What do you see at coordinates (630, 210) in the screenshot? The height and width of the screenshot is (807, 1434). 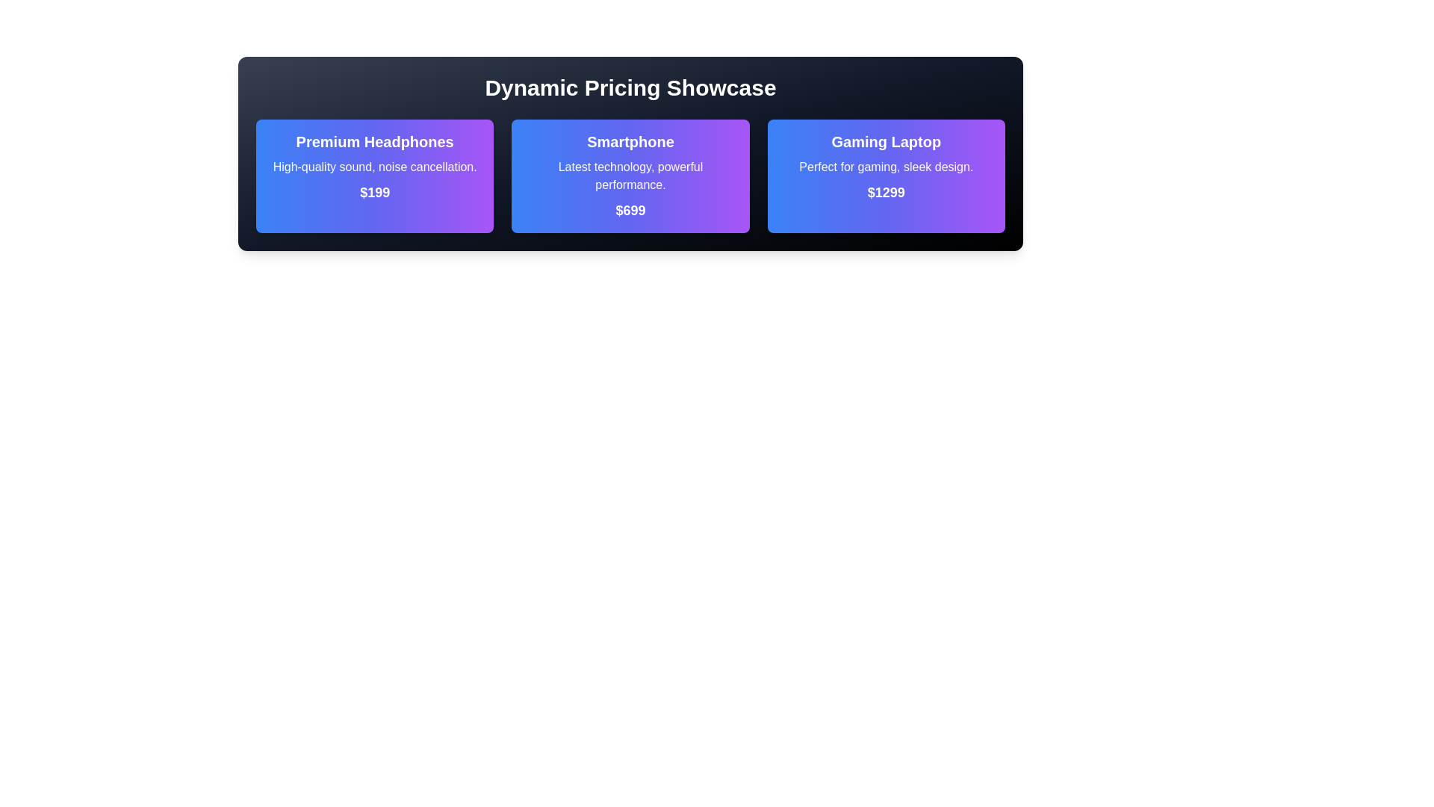 I see `the text element displaying the price '$699', located in the central card of a pricing showcase, beneath the description 'Latest technology, powerful performance.' and the title 'Smartphone.'` at bounding box center [630, 210].